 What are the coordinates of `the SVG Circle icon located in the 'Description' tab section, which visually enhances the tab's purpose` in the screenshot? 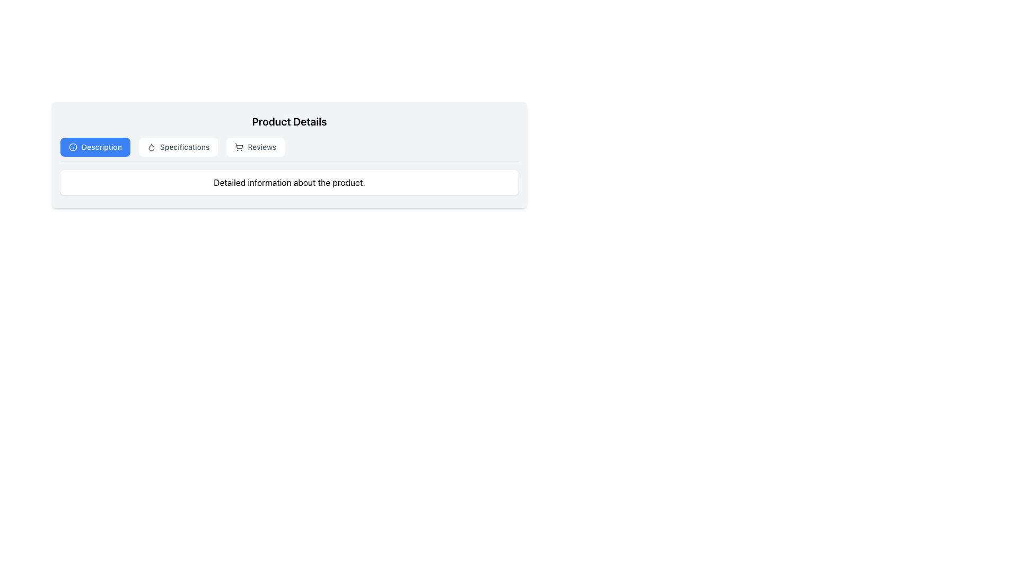 It's located at (73, 147).